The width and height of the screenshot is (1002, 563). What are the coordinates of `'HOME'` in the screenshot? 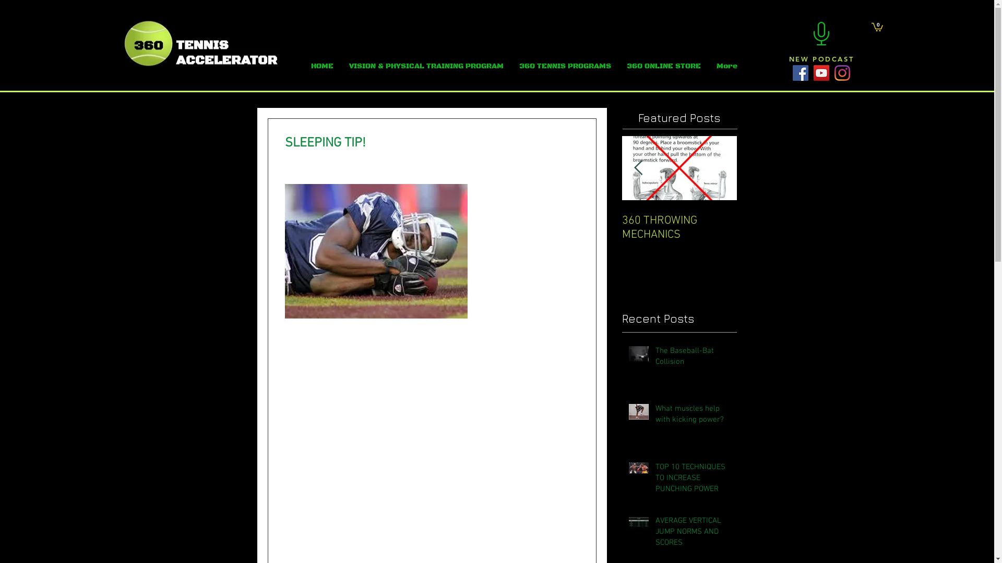 It's located at (321, 66).